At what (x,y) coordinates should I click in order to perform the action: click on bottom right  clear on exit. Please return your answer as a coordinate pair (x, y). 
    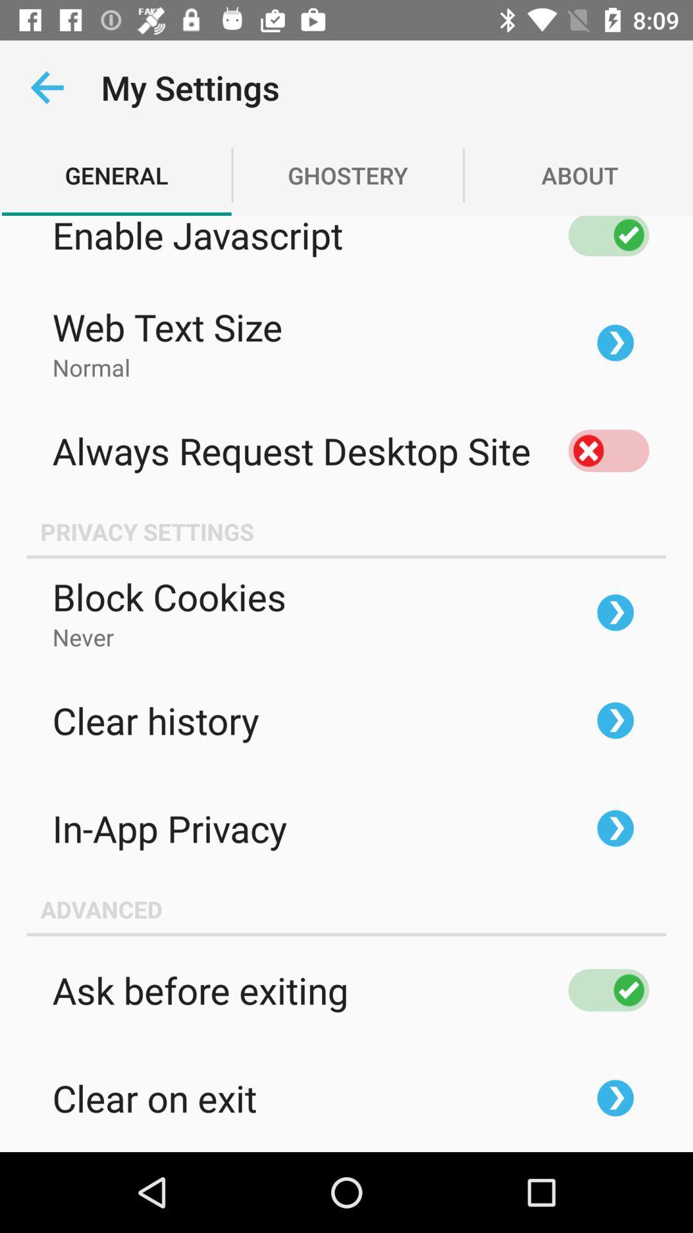
    Looking at the image, I should click on (615, 1097).